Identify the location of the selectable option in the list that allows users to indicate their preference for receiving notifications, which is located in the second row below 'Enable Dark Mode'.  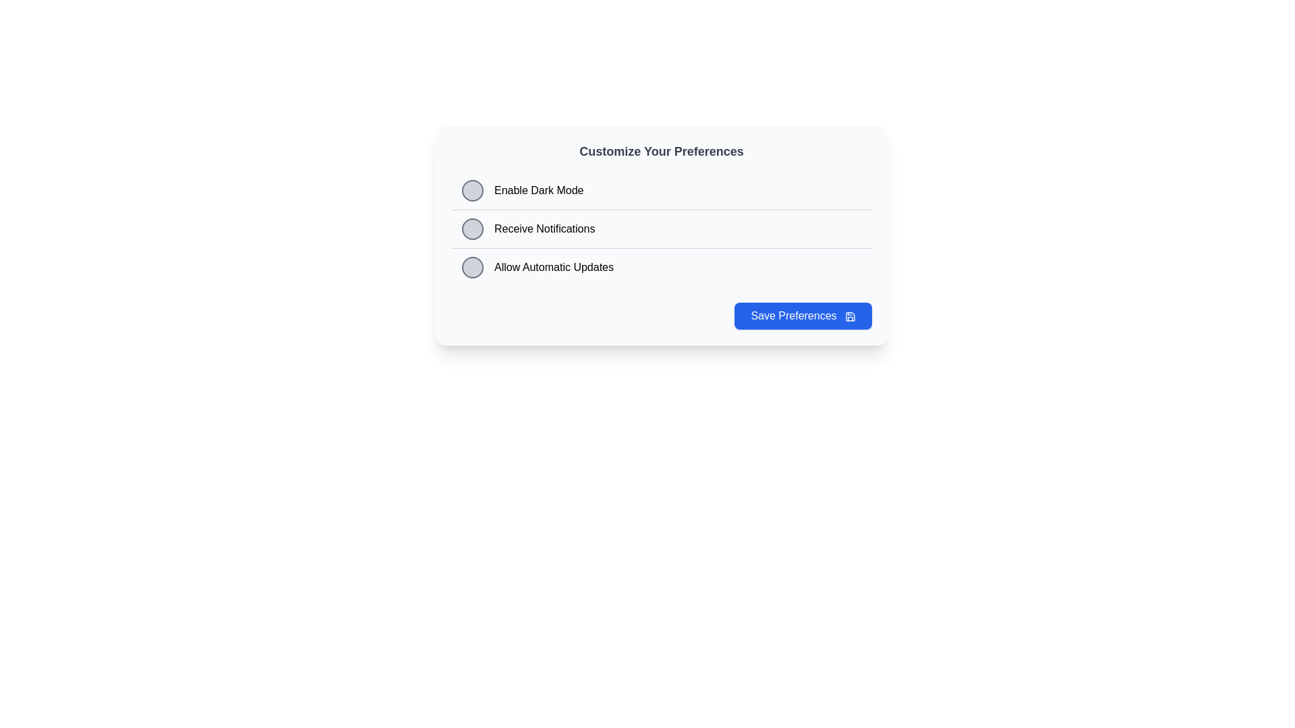
(661, 228).